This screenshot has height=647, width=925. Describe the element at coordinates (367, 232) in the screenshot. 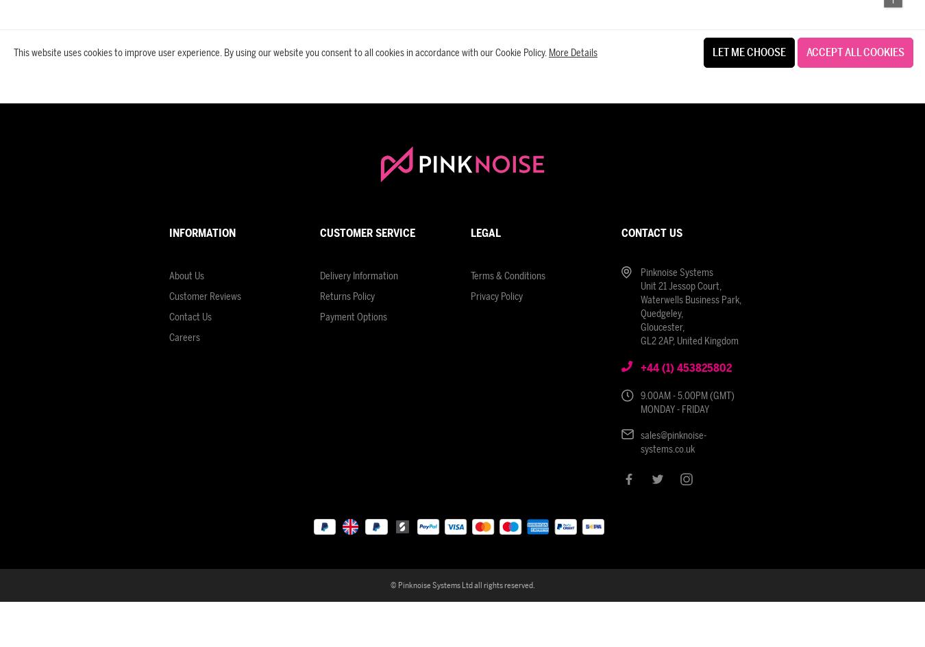

I see `'Customer Service'` at that location.